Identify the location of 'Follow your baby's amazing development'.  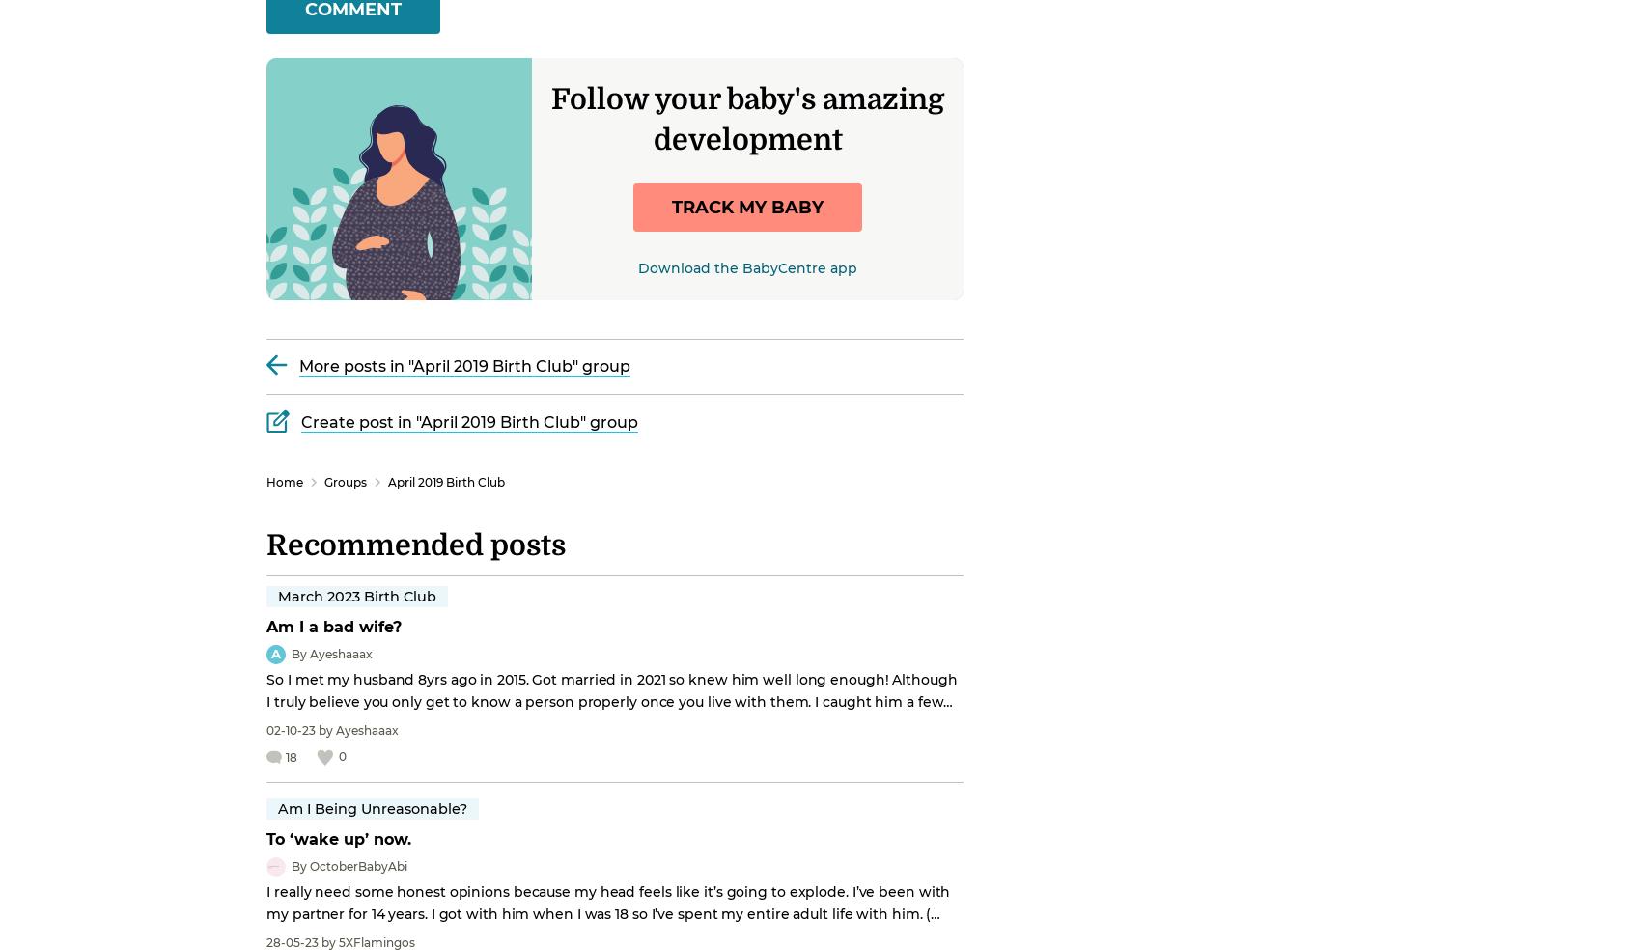
(747, 118).